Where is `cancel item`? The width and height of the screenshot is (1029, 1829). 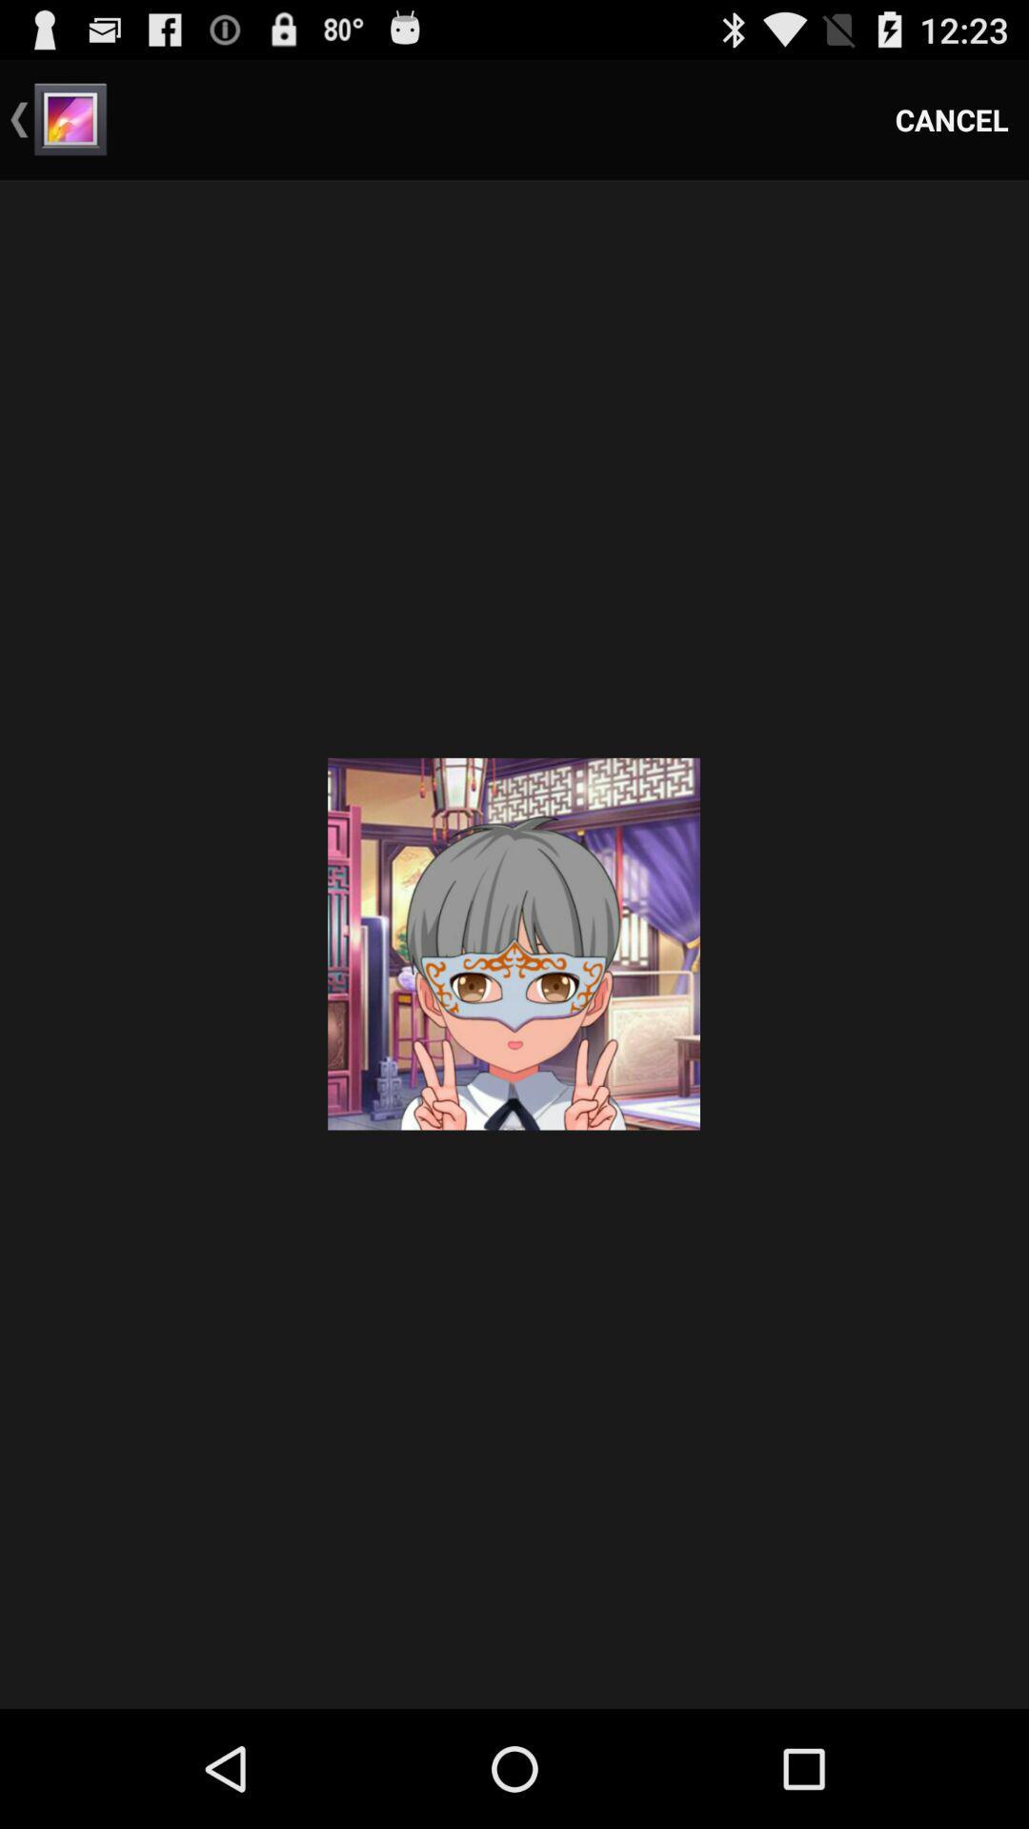
cancel item is located at coordinates (952, 118).